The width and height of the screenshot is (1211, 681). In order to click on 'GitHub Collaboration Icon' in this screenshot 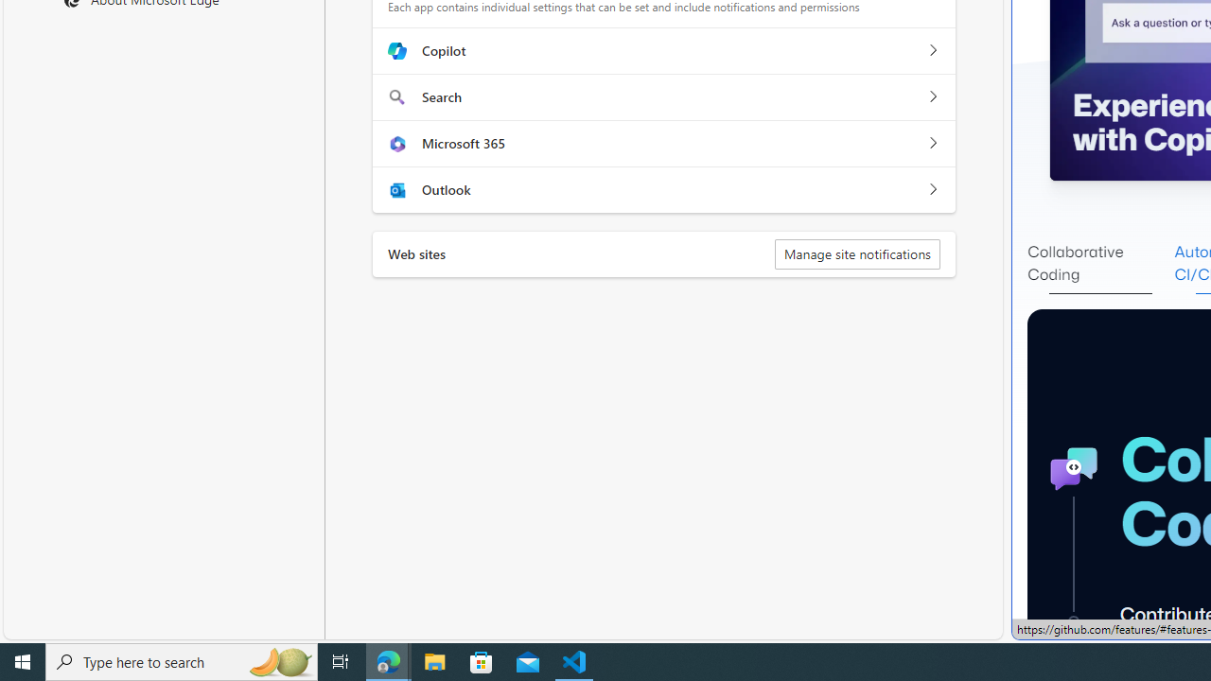, I will do `click(1074, 468)`.